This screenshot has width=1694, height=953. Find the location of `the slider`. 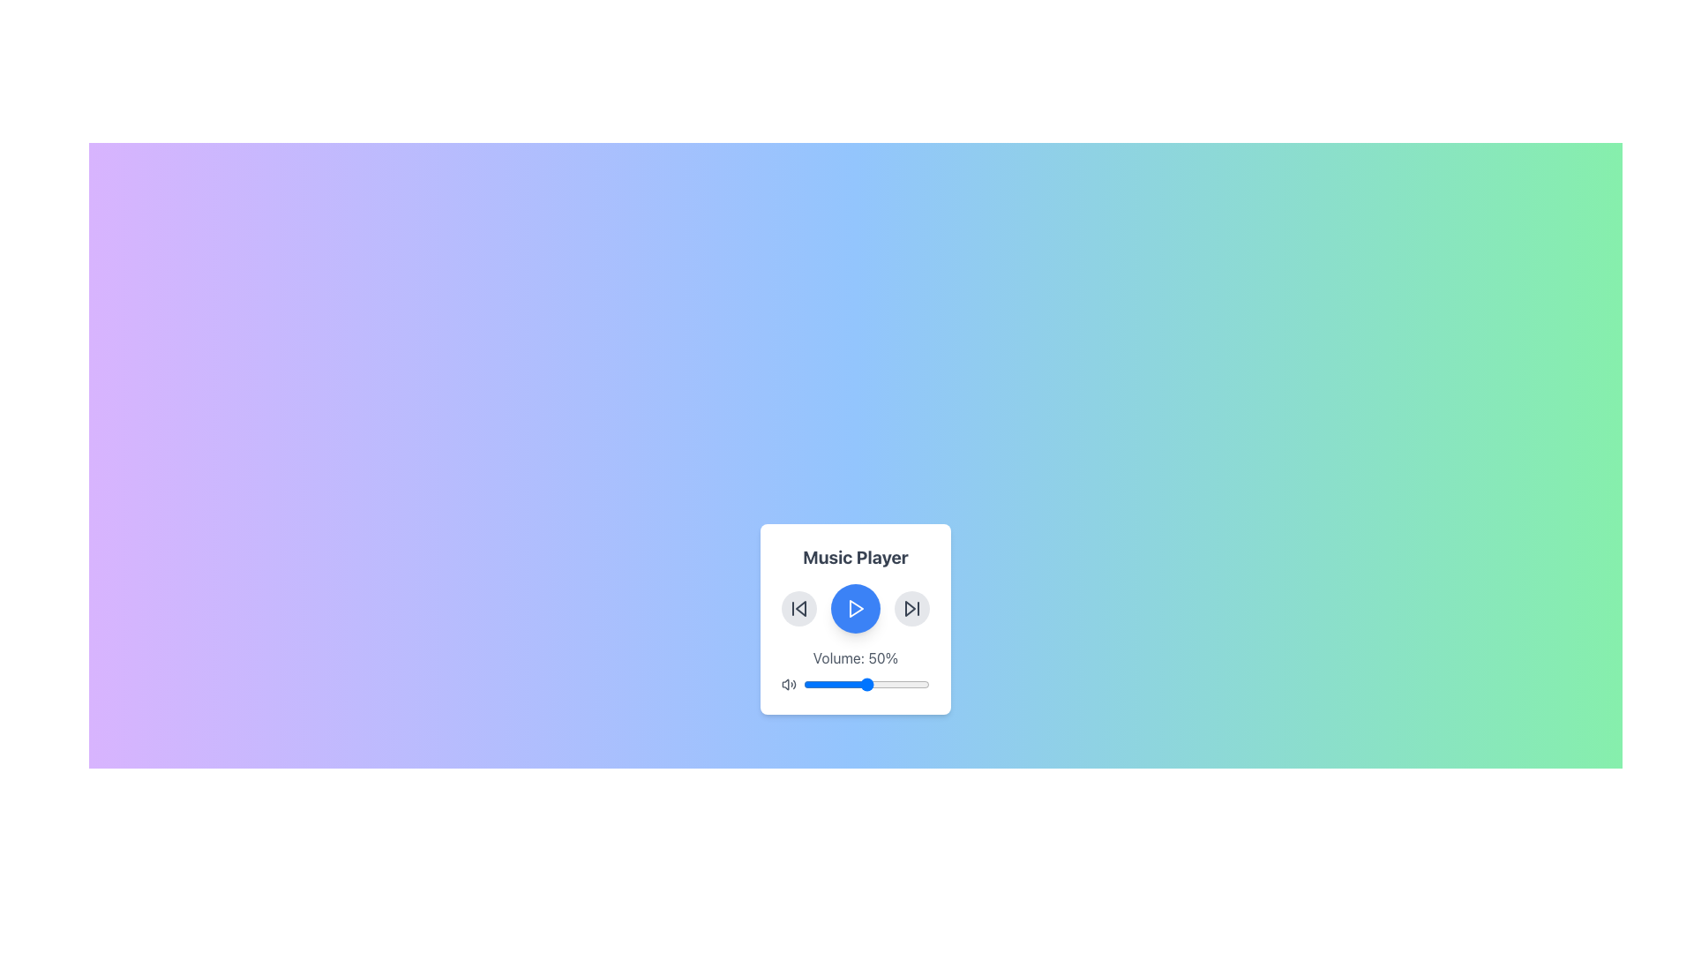

the slider is located at coordinates (927, 683).